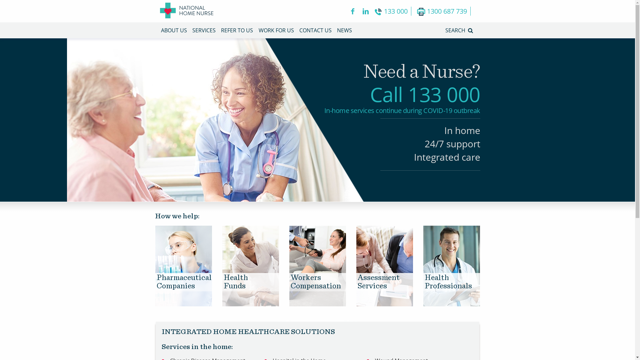  What do you see at coordinates (187, 11) in the screenshot?
I see `'National Home Nurse'` at bounding box center [187, 11].